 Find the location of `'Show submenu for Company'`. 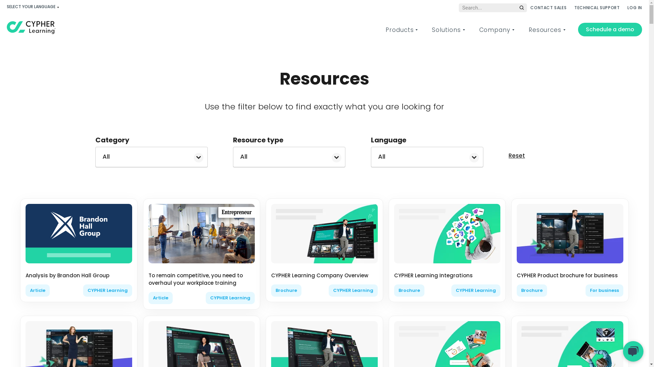

'Show submenu for Company' is located at coordinates (513, 30).